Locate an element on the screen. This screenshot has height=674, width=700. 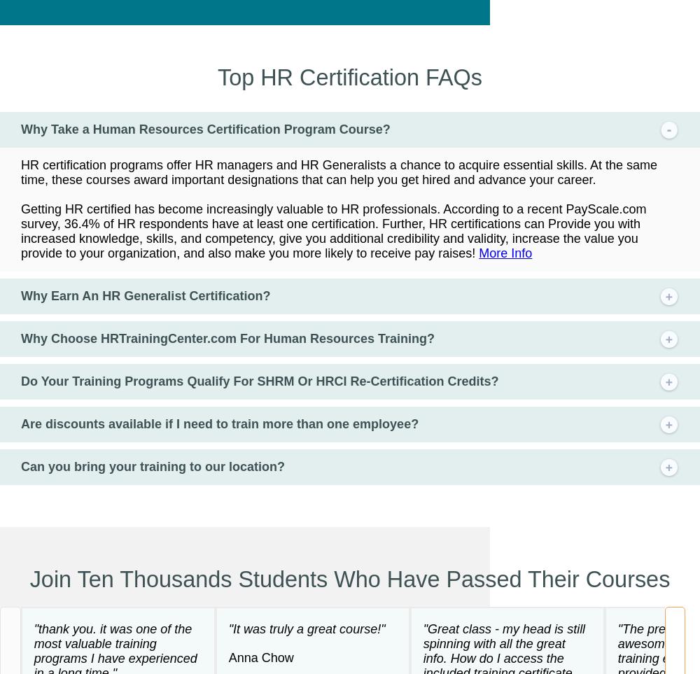
'Do Your Training Programs Qualify For SHRM Or HRCI Re-Certification Credits?' is located at coordinates (259, 379).